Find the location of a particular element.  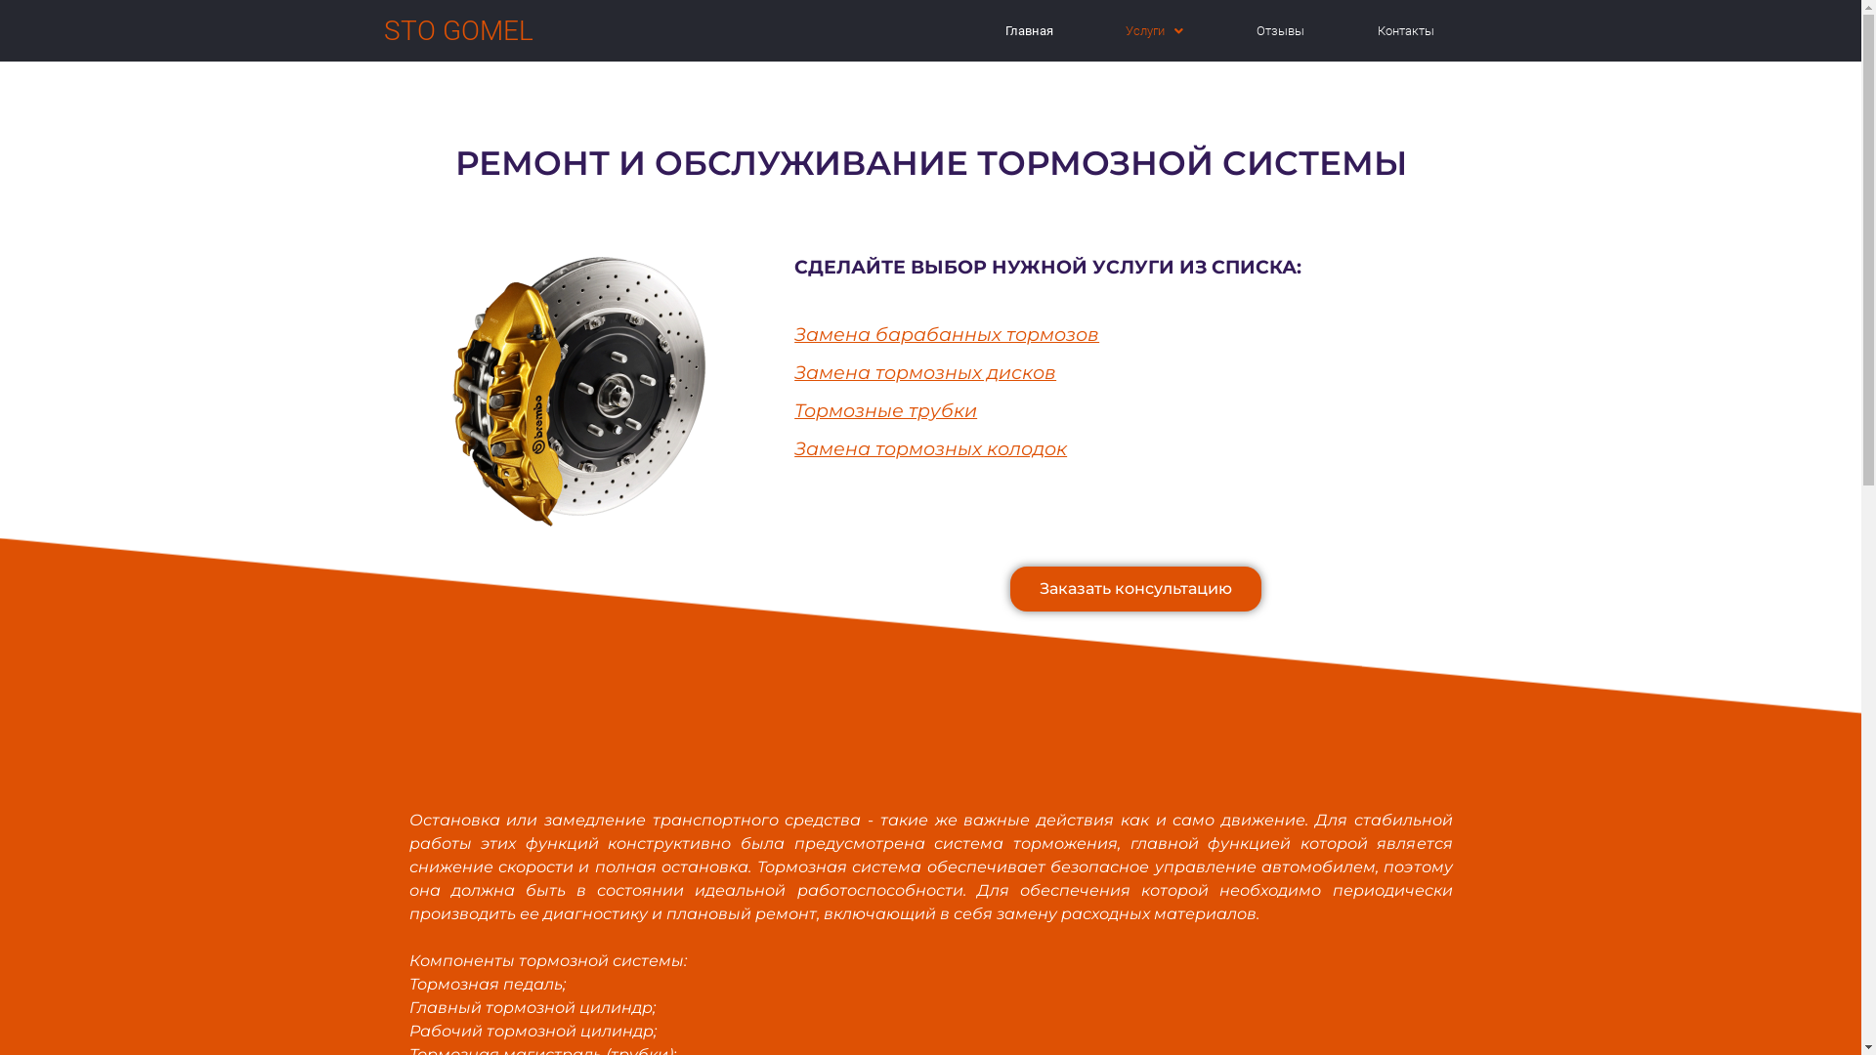

'STO GOMEL' is located at coordinates (456, 29).